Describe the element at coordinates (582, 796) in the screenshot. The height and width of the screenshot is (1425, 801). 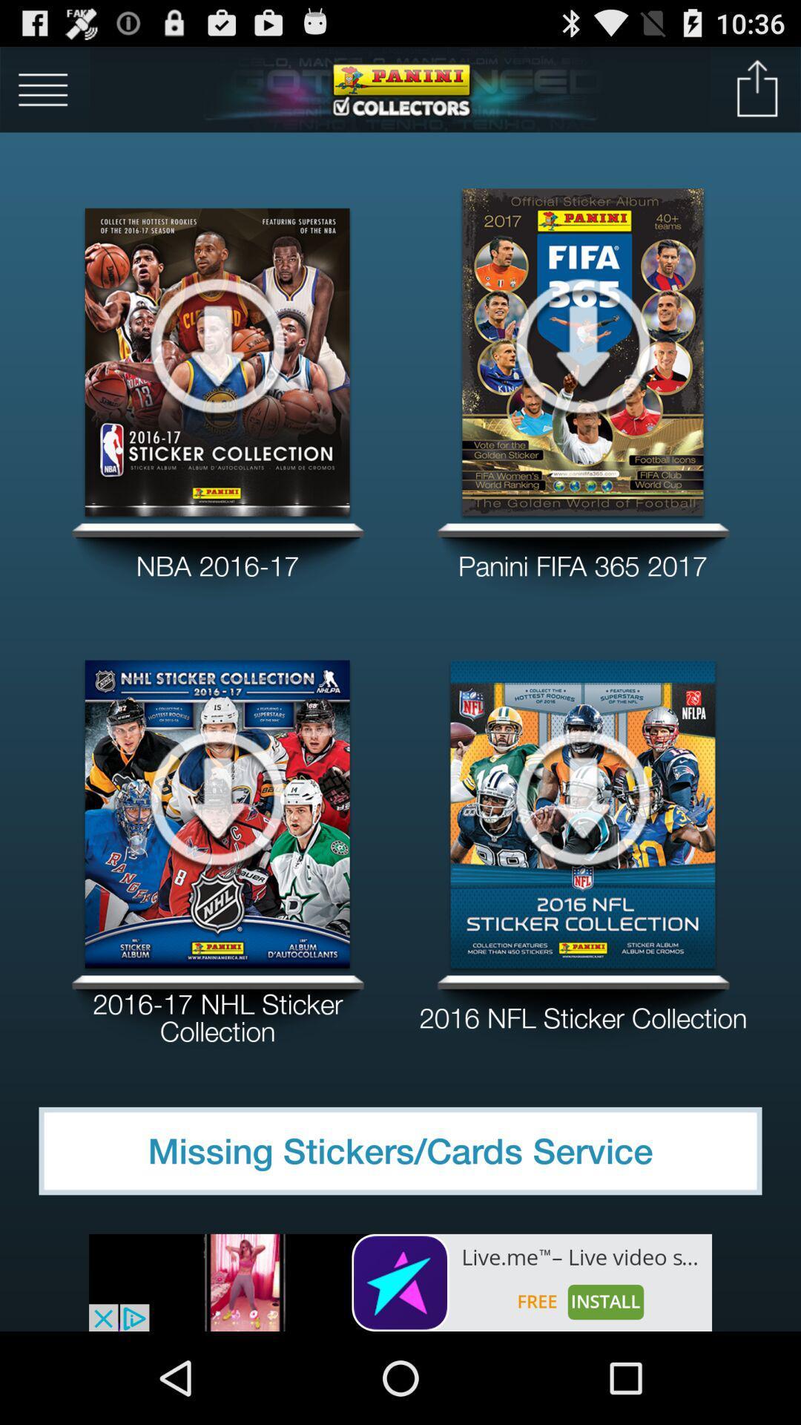
I see `second image second row down arrow` at that location.